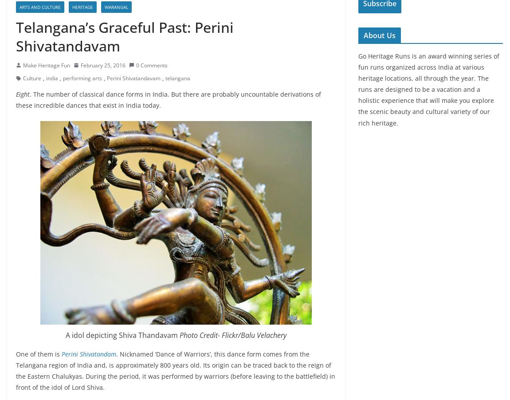 This screenshot has width=510, height=400. What do you see at coordinates (124, 36) in the screenshot?
I see `'Telangana’s Graceful Past: Perini Shivatandavam'` at bounding box center [124, 36].